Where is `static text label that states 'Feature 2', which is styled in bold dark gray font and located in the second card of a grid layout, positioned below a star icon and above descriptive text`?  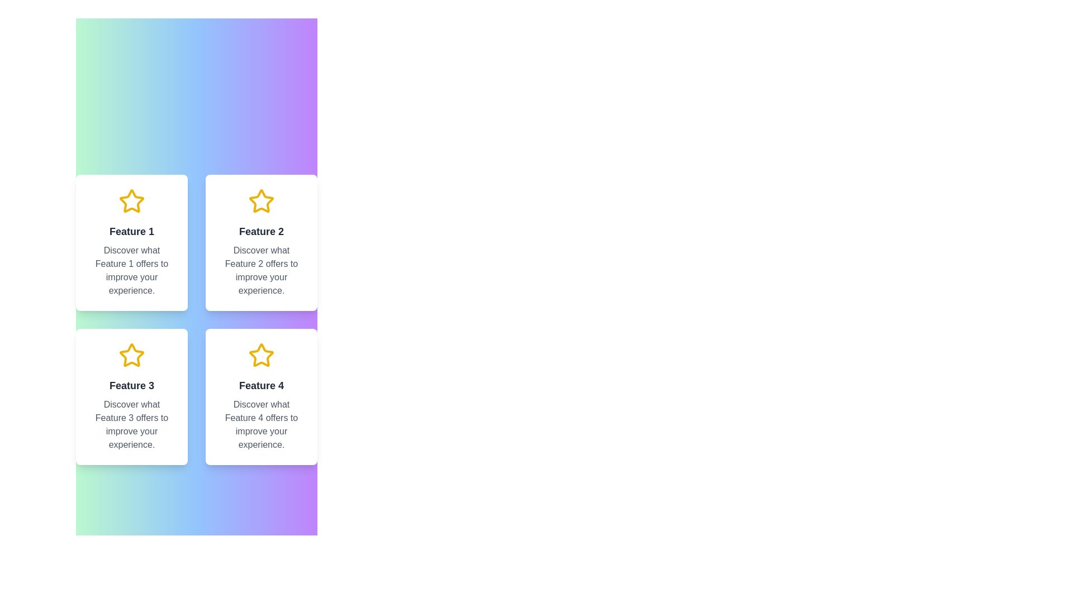 static text label that states 'Feature 2', which is styled in bold dark gray font and located in the second card of a grid layout, positioned below a star icon and above descriptive text is located at coordinates (260, 231).